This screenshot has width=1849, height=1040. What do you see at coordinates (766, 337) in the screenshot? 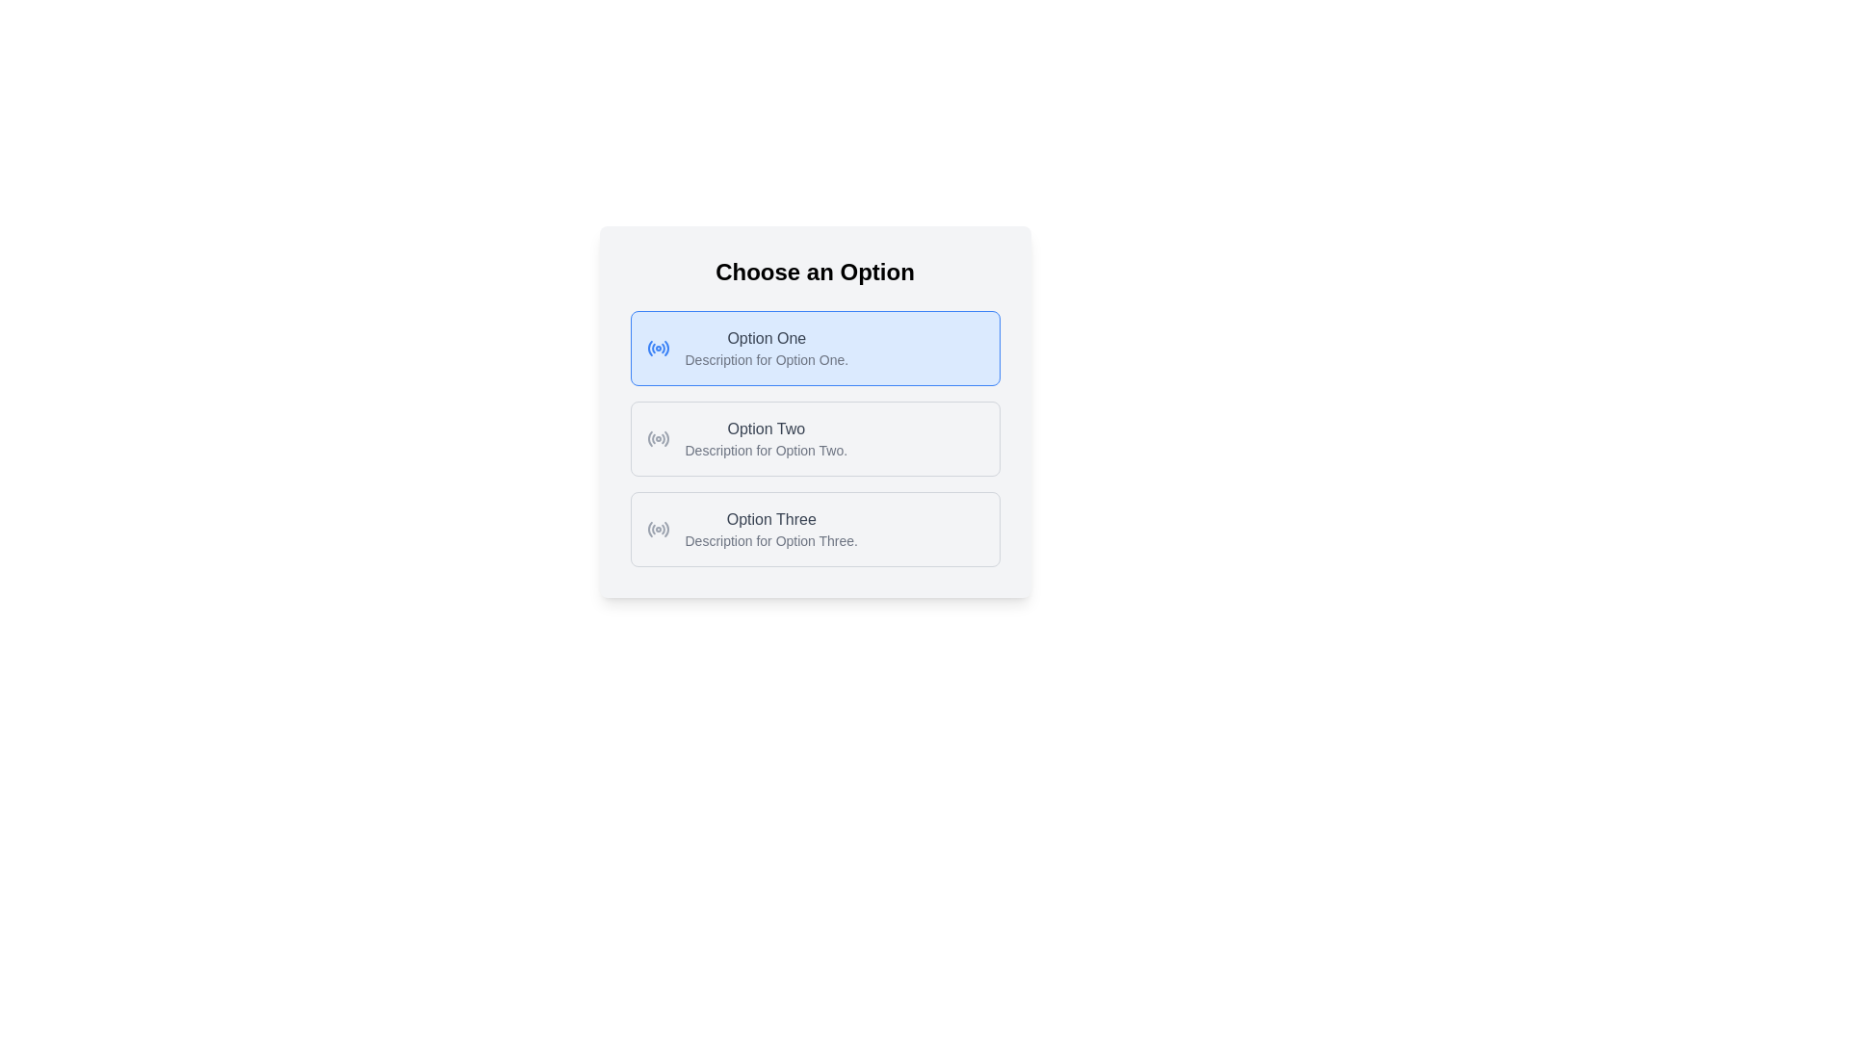
I see `the text label reading 'Option One', which is styled with medium-weight gray font and is the first option in a vertical list of choices` at bounding box center [766, 337].